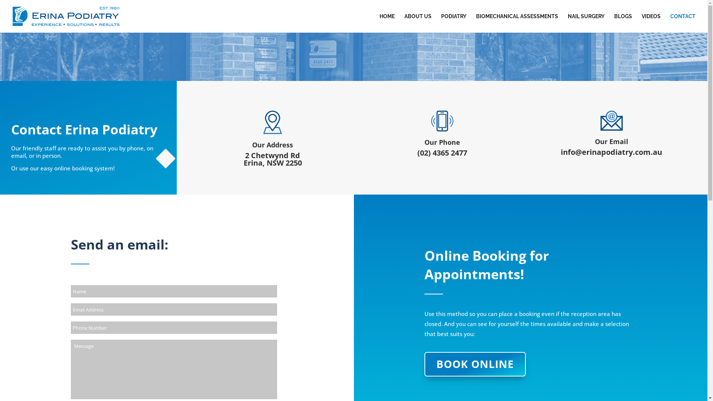 This screenshot has height=401, width=713. Describe the element at coordinates (404, 23) in the screenshot. I see `'ABOUT US'` at that location.